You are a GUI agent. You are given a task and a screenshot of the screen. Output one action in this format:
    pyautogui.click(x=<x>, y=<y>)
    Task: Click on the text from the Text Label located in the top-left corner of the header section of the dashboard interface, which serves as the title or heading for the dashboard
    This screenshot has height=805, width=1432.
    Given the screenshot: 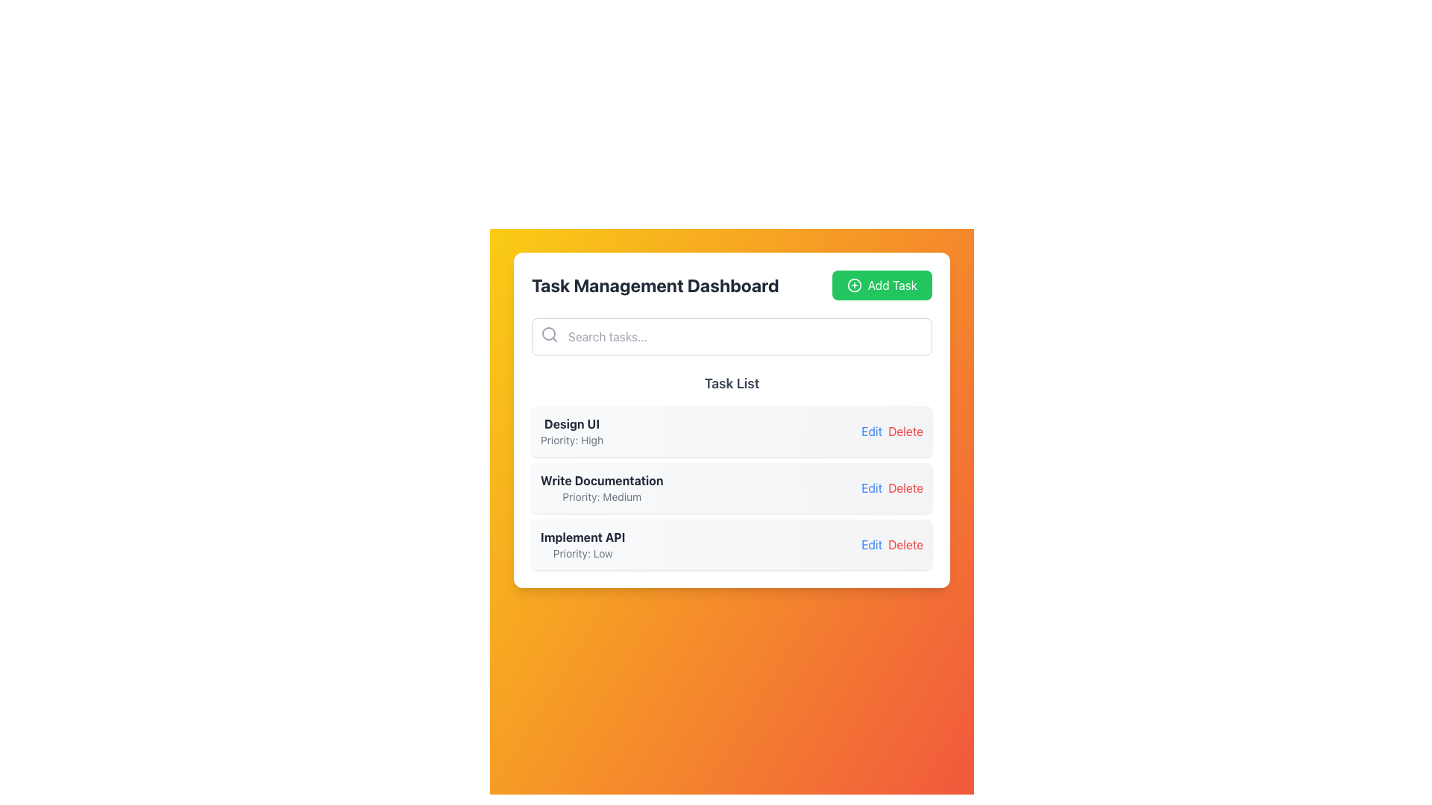 What is the action you would take?
    pyautogui.click(x=655, y=285)
    